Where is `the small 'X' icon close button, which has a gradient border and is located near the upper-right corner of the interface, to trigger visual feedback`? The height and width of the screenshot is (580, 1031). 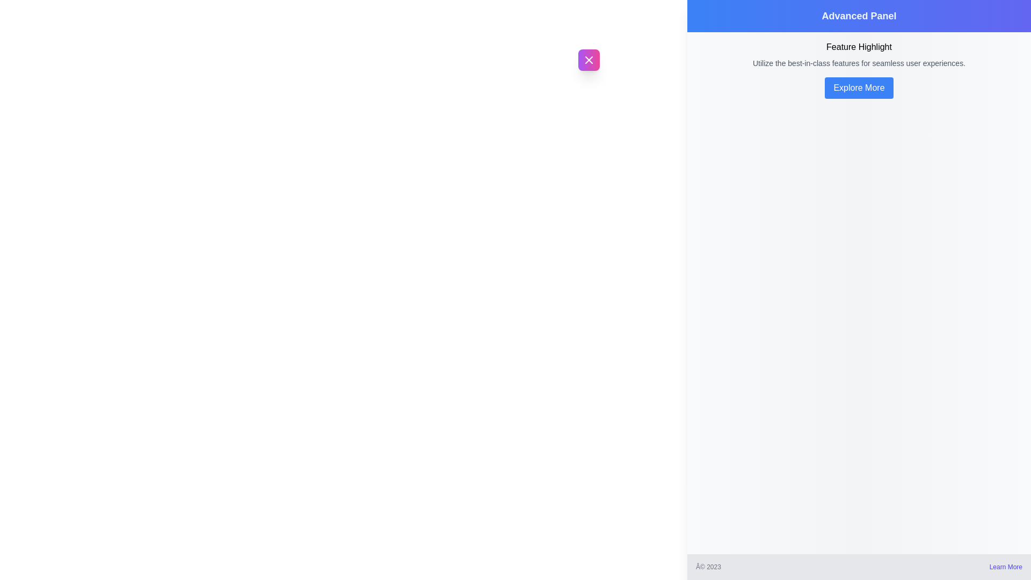 the small 'X' icon close button, which has a gradient border and is located near the upper-right corner of the interface, to trigger visual feedback is located at coordinates (588, 60).